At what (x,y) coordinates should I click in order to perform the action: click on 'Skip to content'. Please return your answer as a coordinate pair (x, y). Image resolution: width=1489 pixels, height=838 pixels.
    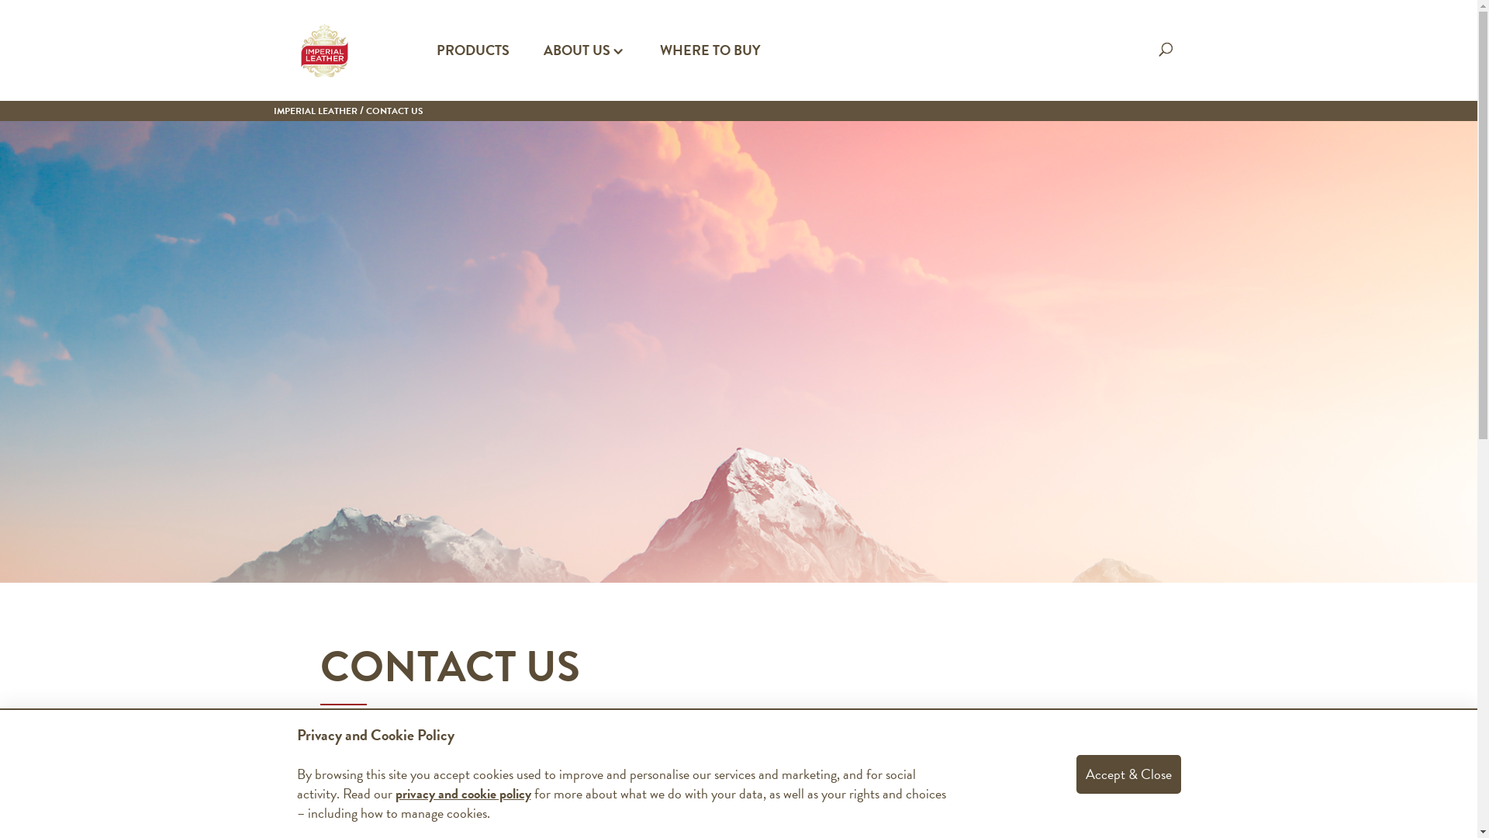
    Looking at the image, I should click on (0, 0).